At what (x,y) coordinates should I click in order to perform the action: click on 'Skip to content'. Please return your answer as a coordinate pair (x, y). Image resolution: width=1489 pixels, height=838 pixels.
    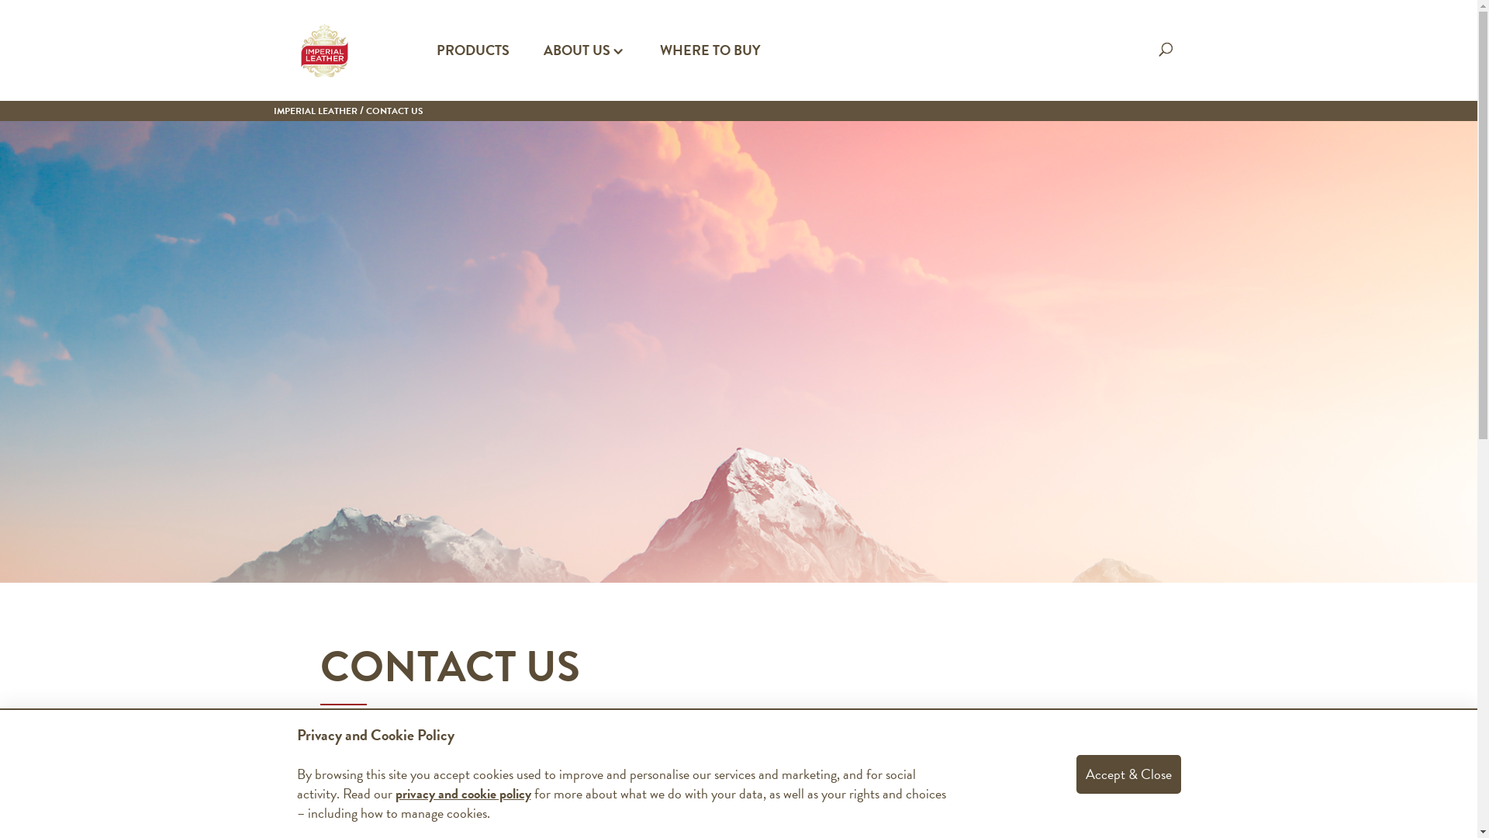
    Looking at the image, I should click on (0, 0).